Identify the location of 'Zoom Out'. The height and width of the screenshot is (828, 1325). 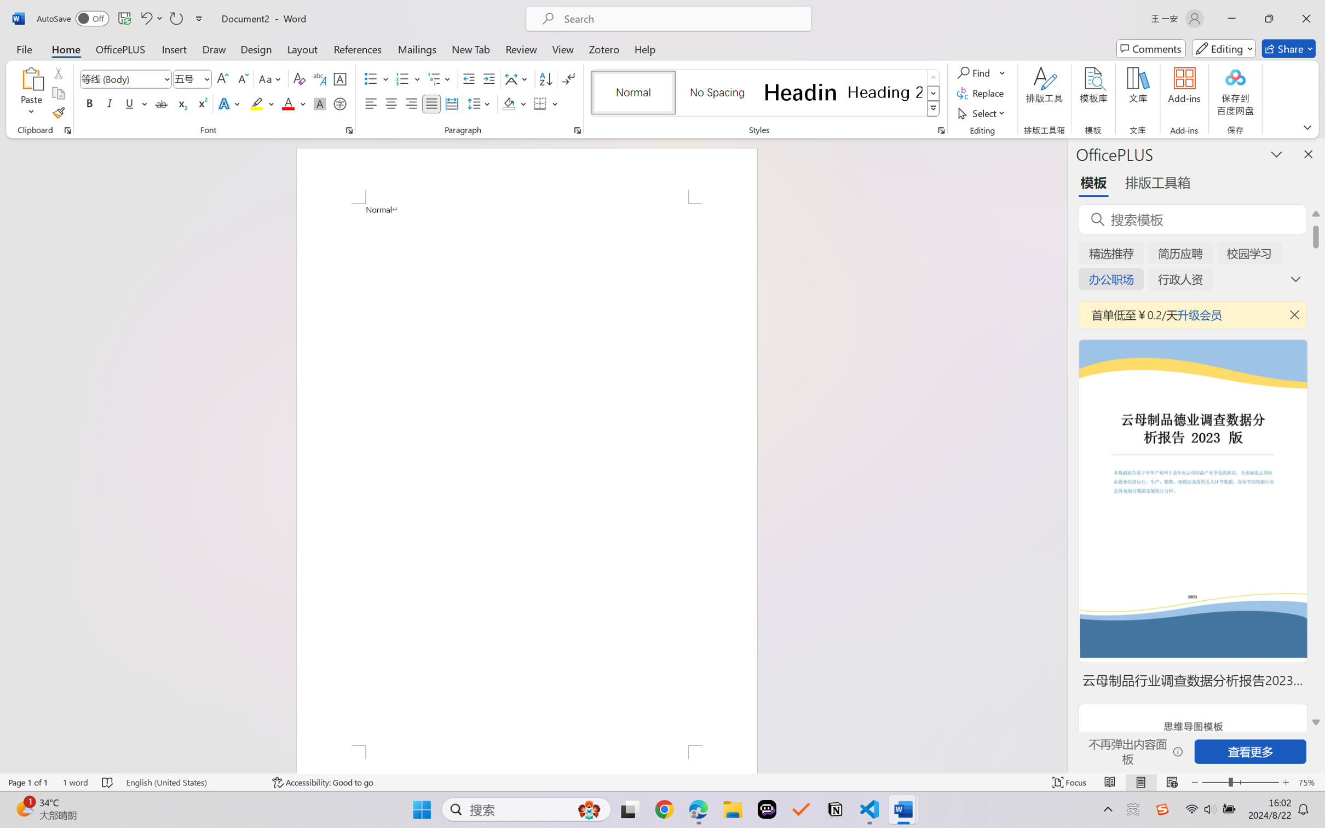
(1214, 782).